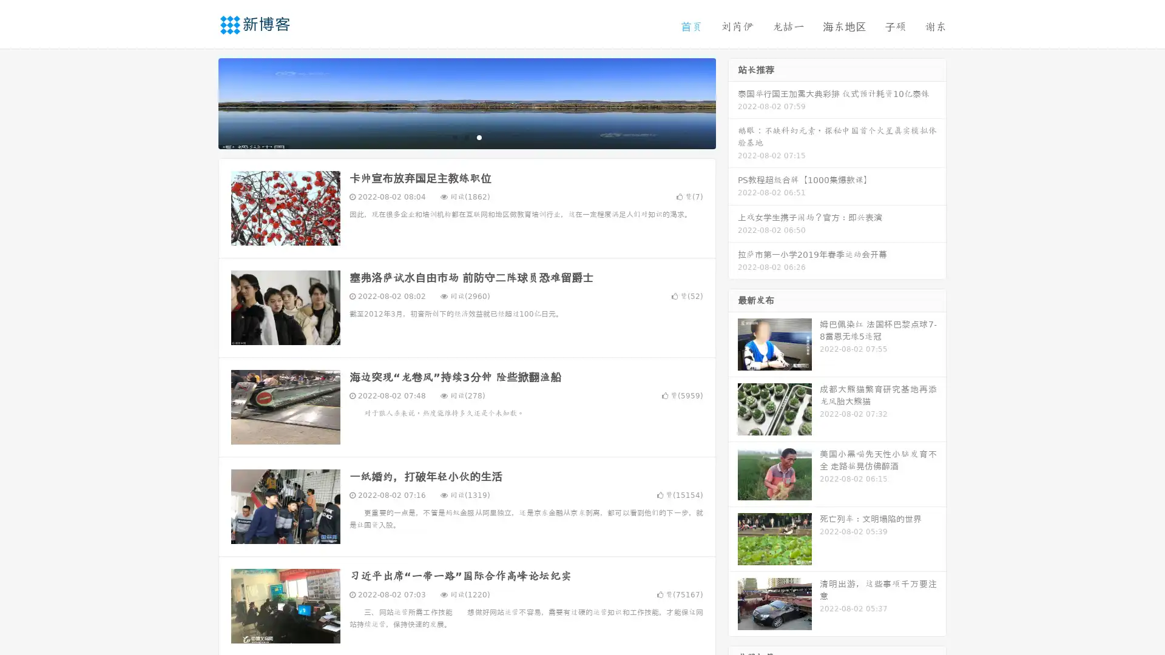 This screenshot has width=1165, height=655. What do you see at coordinates (479, 136) in the screenshot?
I see `Go to slide 3` at bounding box center [479, 136].